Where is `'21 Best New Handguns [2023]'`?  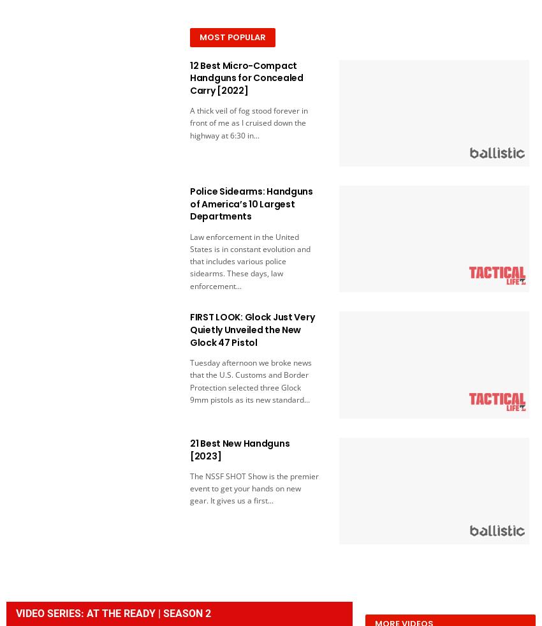 '21 Best New Handguns [2023]' is located at coordinates (238, 449).